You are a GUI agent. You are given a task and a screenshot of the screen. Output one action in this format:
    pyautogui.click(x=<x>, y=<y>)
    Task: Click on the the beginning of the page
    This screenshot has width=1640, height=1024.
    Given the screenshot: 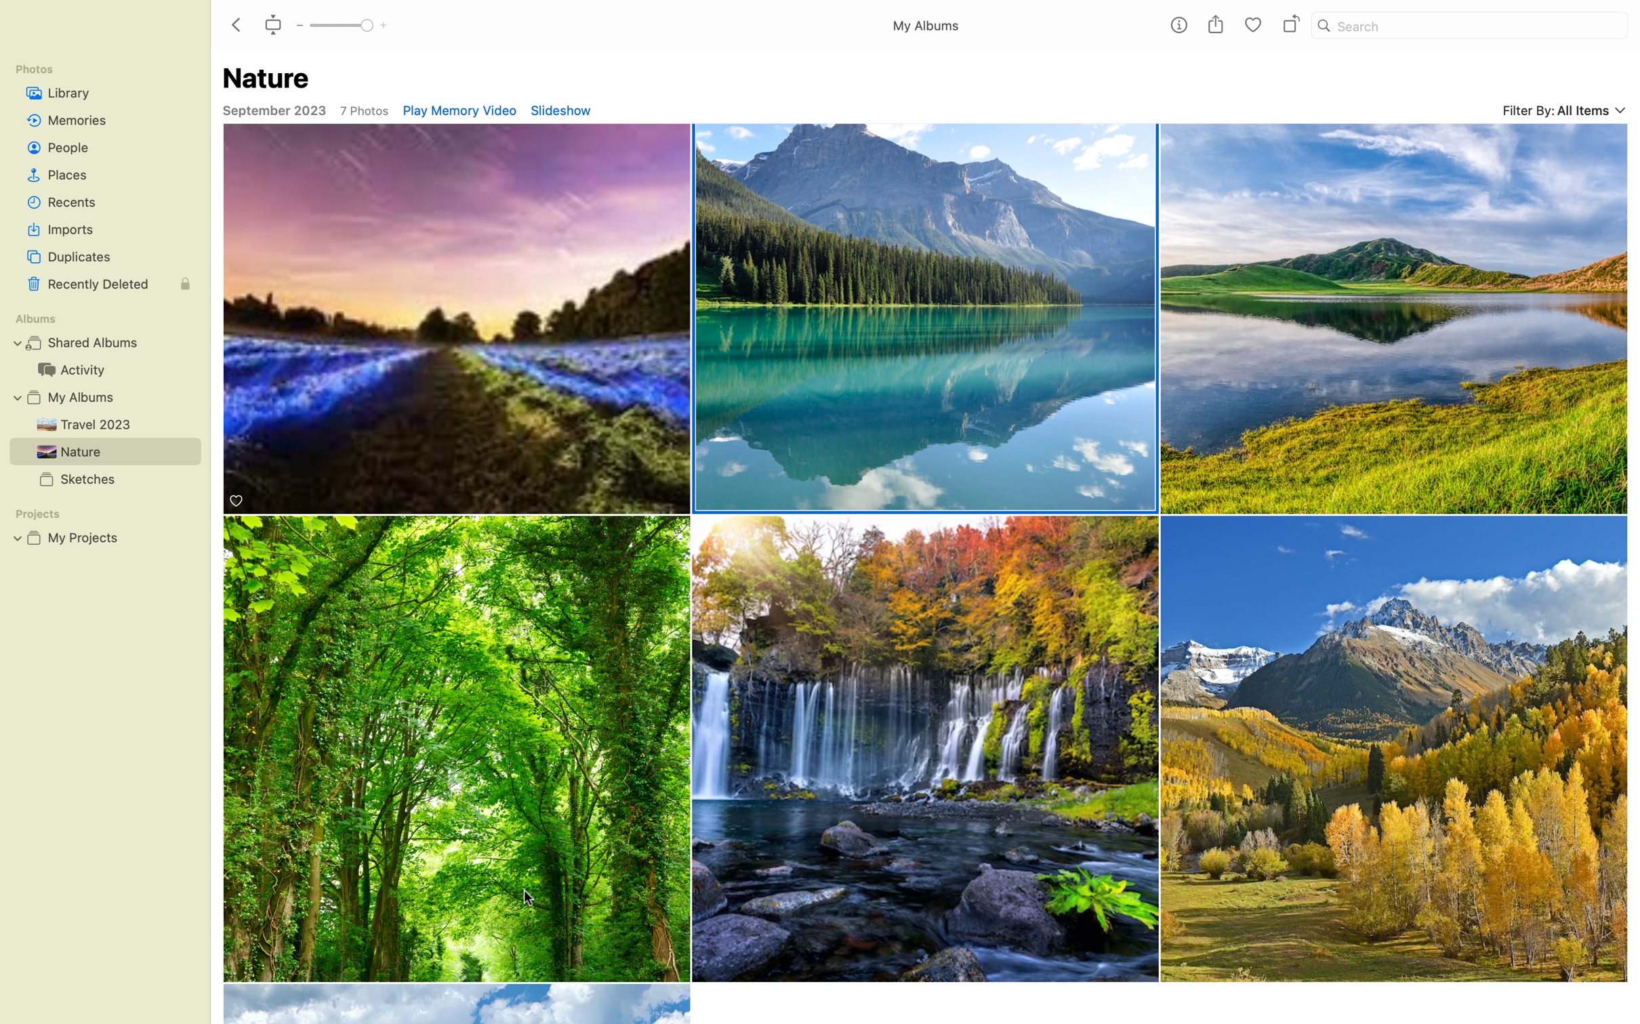 What is the action you would take?
    pyautogui.click(x=3114360, y=1206272)
    